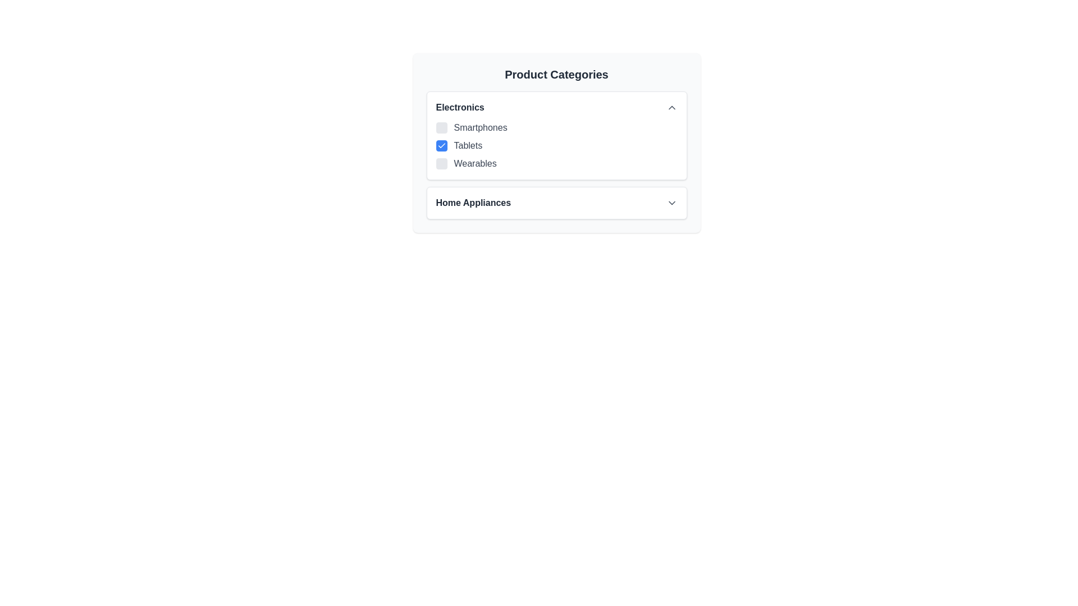 The height and width of the screenshot is (606, 1078). What do you see at coordinates (556, 203) in the screenshot?
I see `the 'Home Appliances' dropdown menu` at bounding box center [556, 203].